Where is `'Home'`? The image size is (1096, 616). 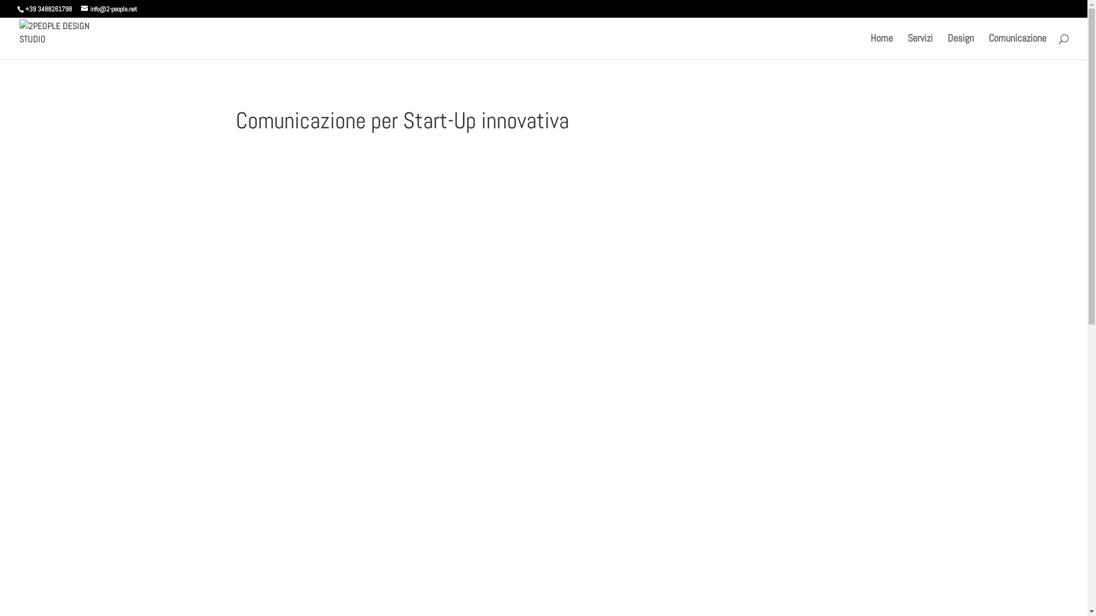
'Home' is located at coordinates (881, 46).